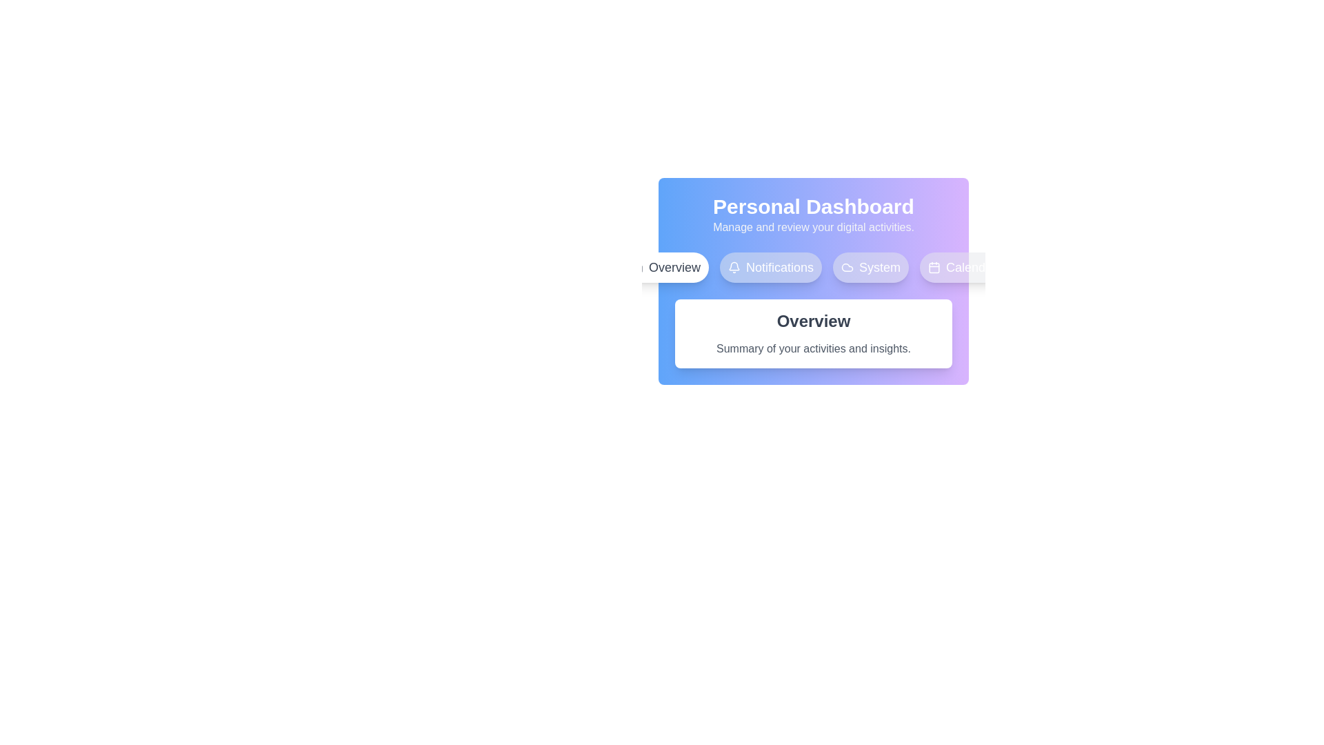 This screenshot has width=1324, height=745. I want to click on the tab labeled Calendar, so click(962, 268).